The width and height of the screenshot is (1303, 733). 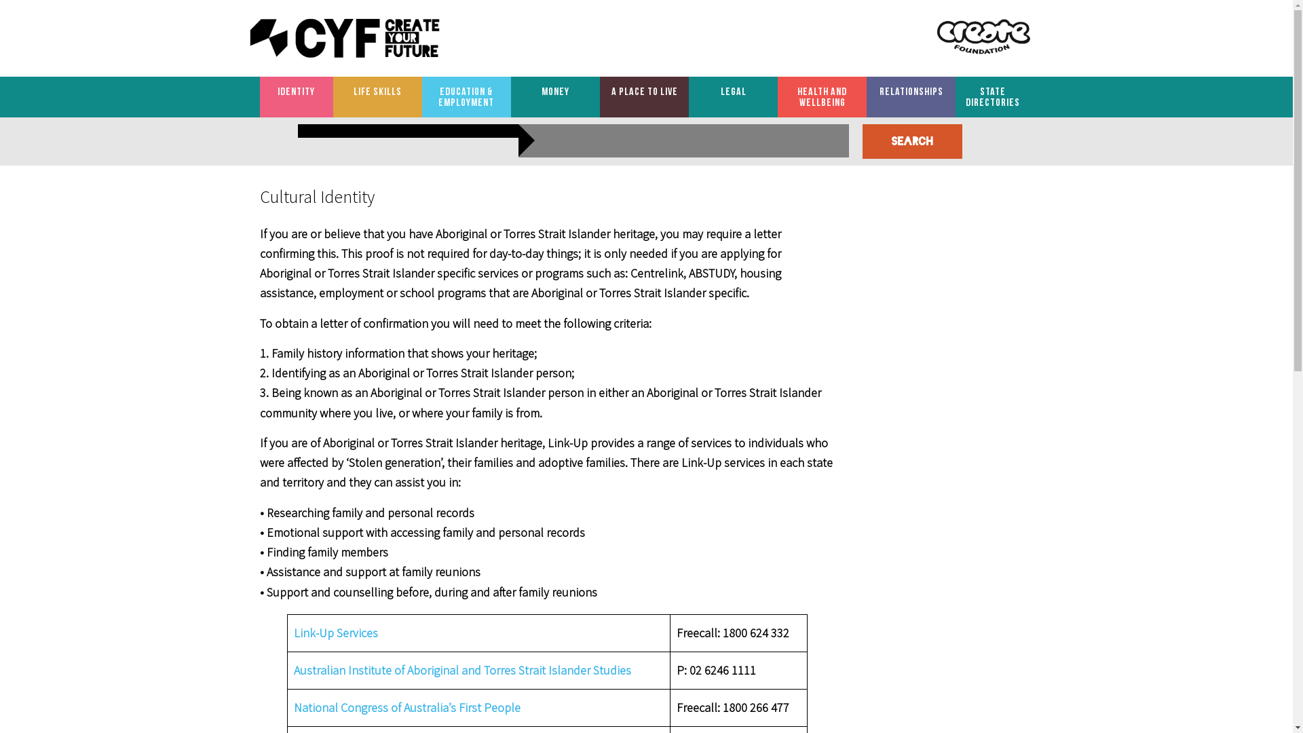 What do you see at coordinates (555, 92) in the screenshot?
I see `'MONEY'` at bounding box center [555, 92].